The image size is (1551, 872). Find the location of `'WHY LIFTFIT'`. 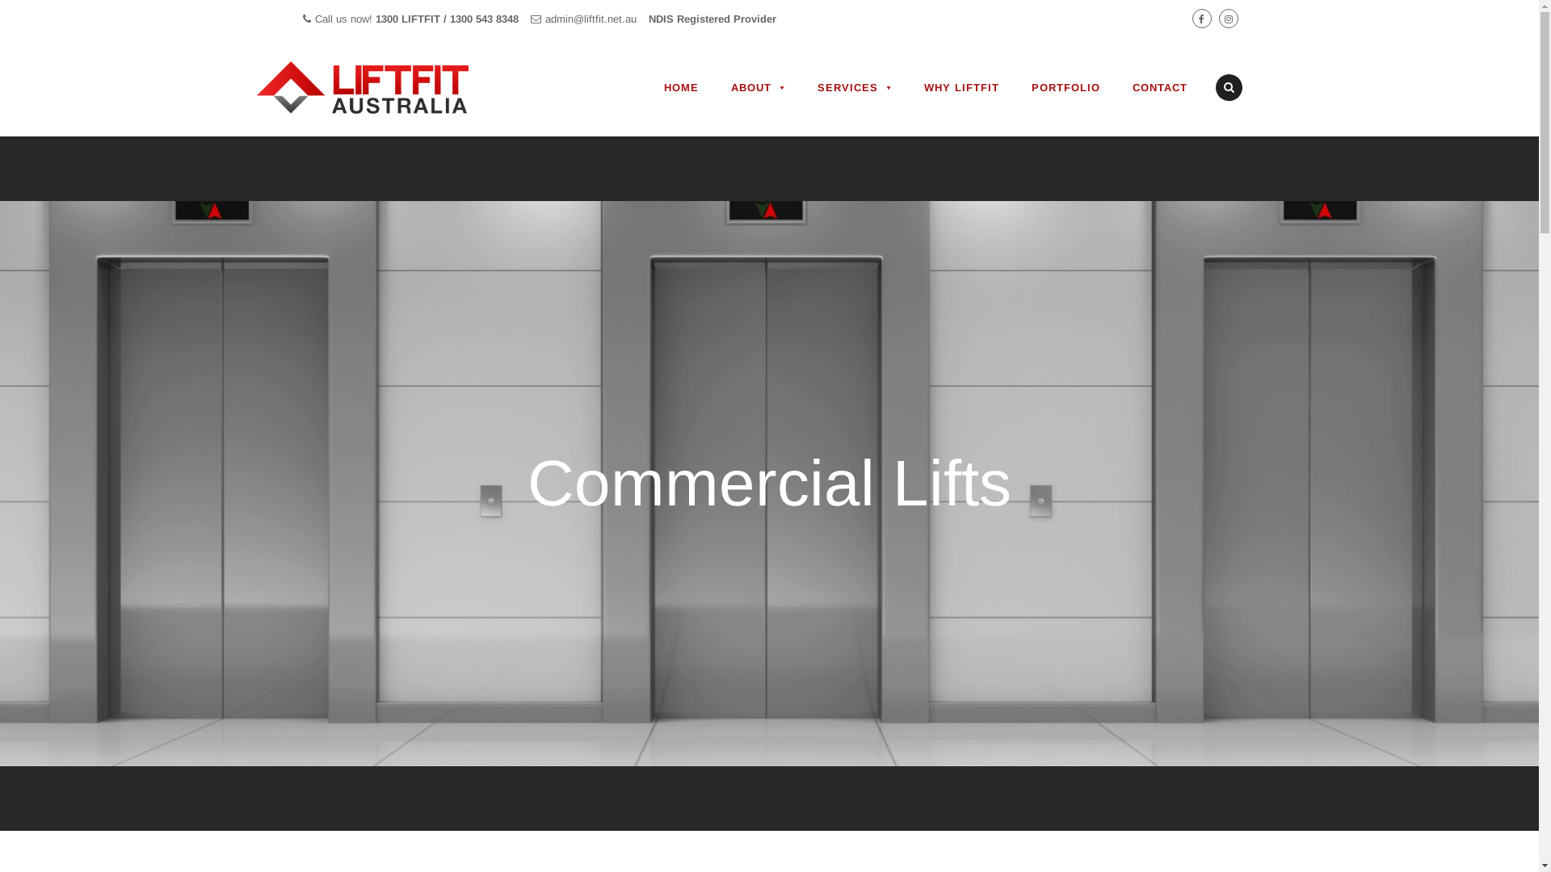

'WHY LIFTFIT' is located at coordinates (961, 87).